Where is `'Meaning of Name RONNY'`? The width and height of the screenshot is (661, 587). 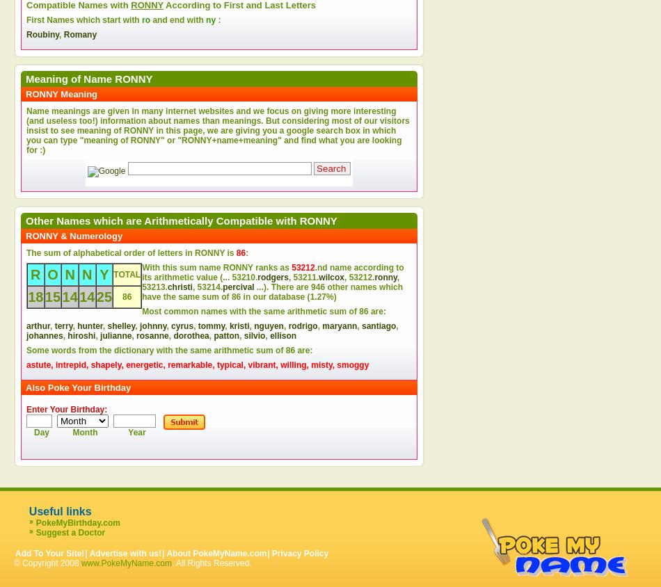
'Meaning of Name RONNY' is located at coordinates (88, 79).